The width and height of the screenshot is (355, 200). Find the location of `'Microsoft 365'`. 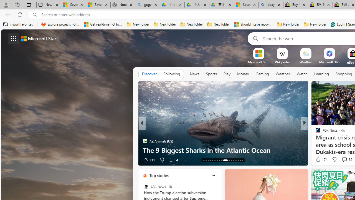

'Microsoft 365' is located at coordinates (329, 62).